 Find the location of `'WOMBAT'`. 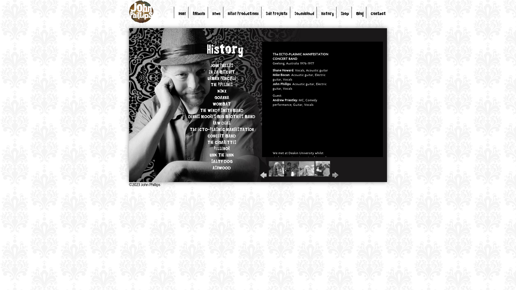

'WOMBAT' is located at coordinates (222, 104).